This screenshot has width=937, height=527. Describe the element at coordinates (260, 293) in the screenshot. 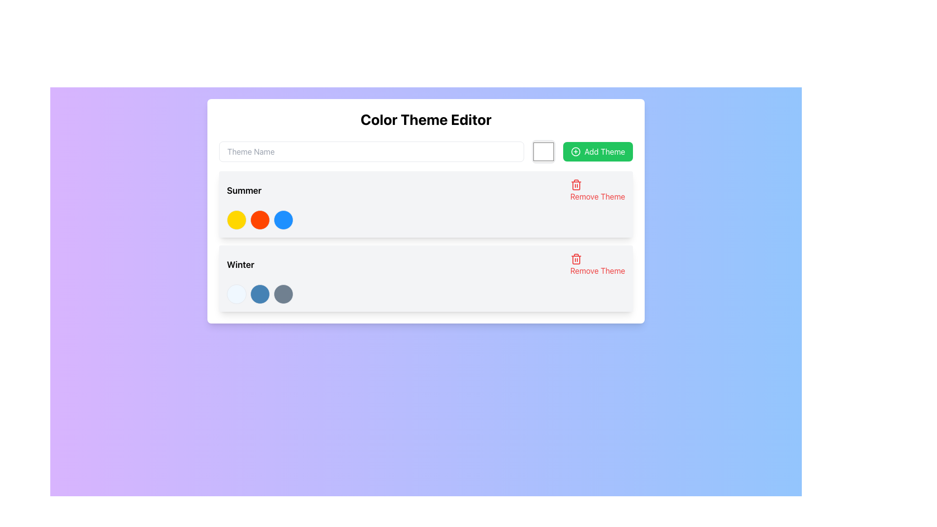

I see `the second interactive color selection button with a blue background, located in the 'Winter' section of the interface` at that location.